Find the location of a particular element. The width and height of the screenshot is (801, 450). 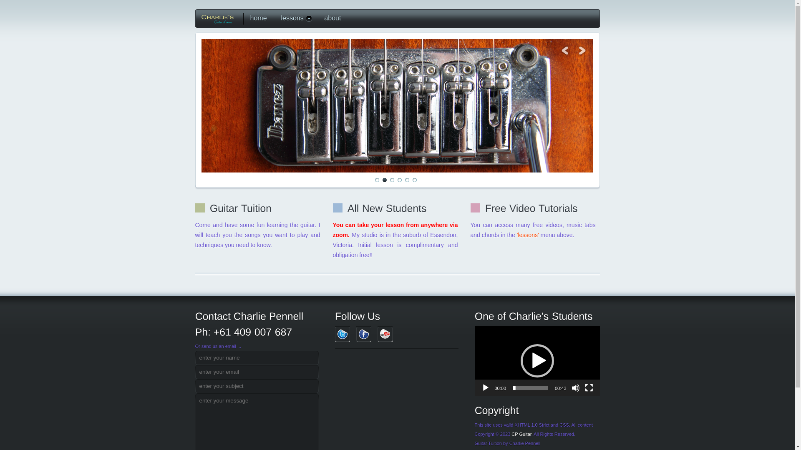

'1' is located at coordinates (374, 180).